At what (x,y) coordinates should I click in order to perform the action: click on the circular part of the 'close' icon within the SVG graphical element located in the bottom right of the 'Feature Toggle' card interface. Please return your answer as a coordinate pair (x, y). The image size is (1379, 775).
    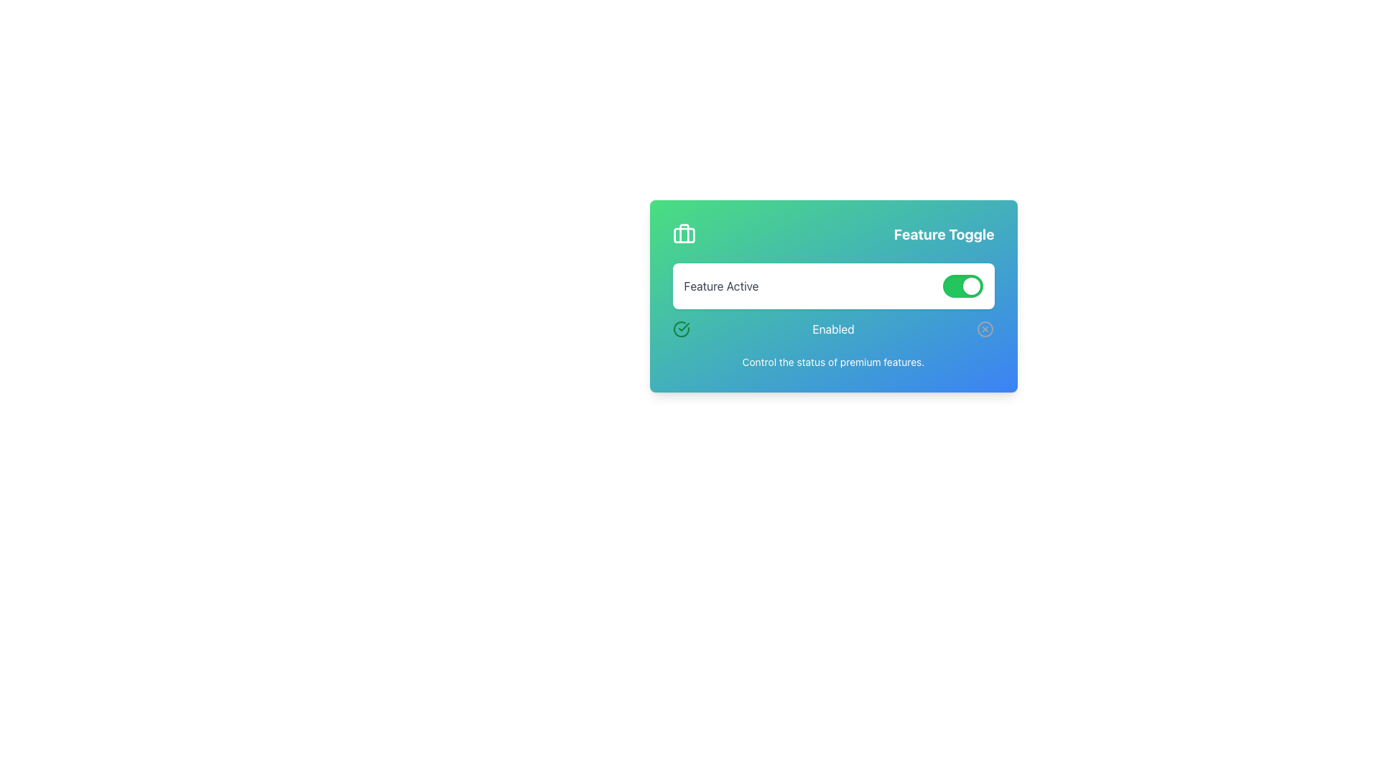
    Looking at the image, I should click on (985, 329).